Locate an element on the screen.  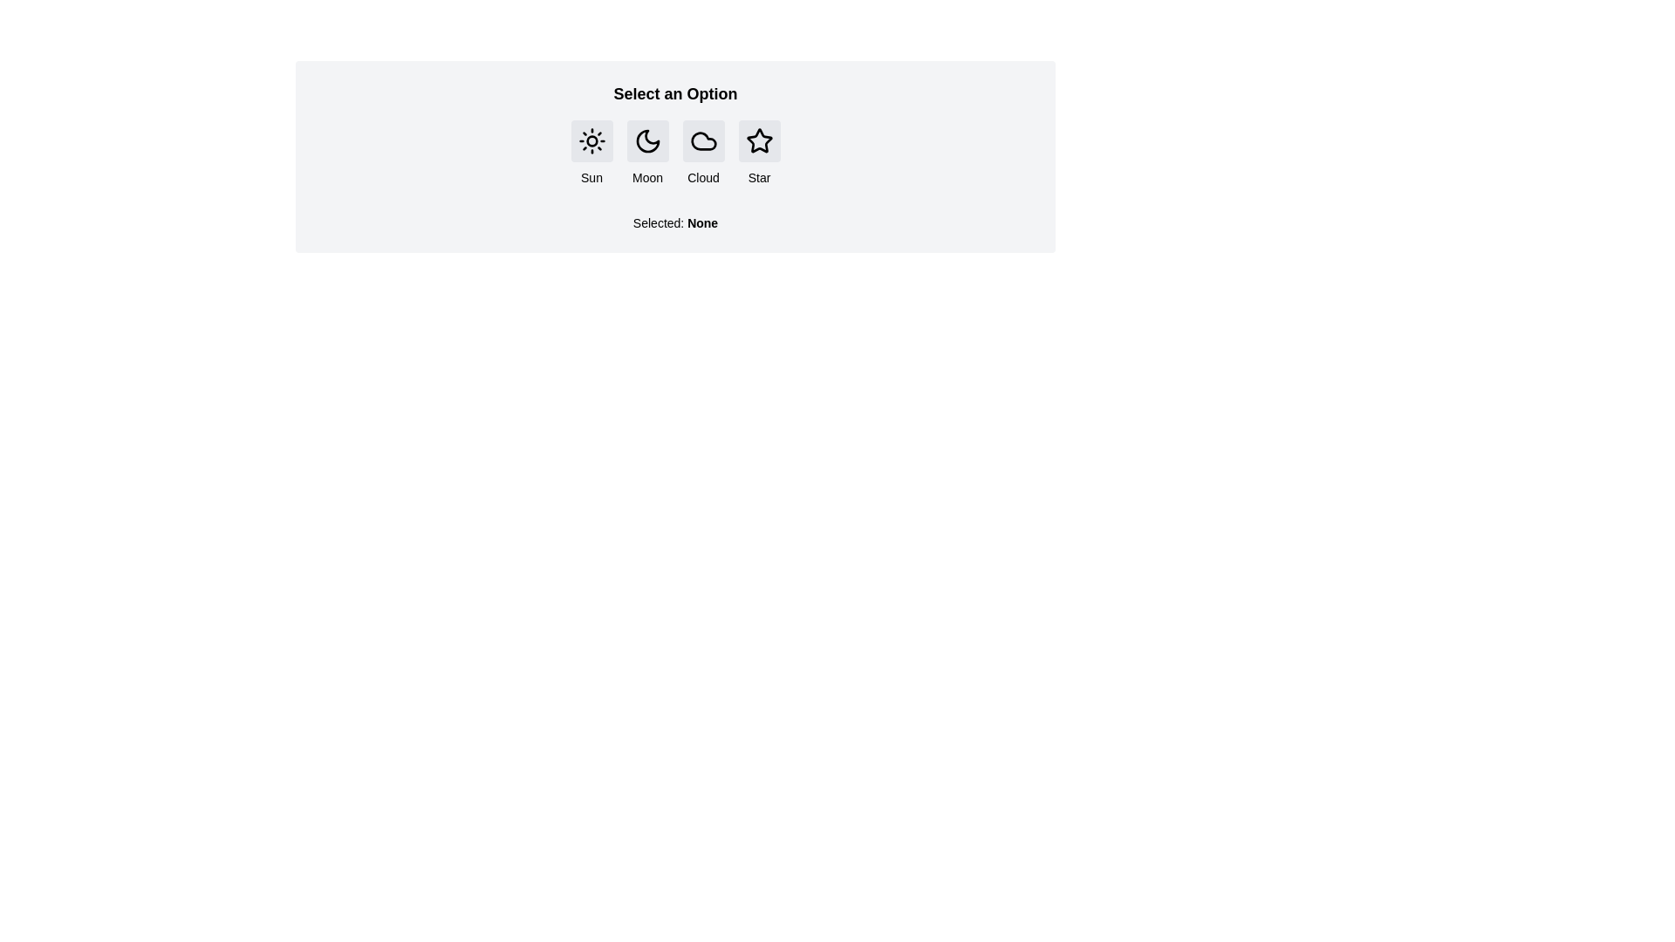
the cloud icon outline, which is the third icon in a row of four is located at coordinates (703, 140).